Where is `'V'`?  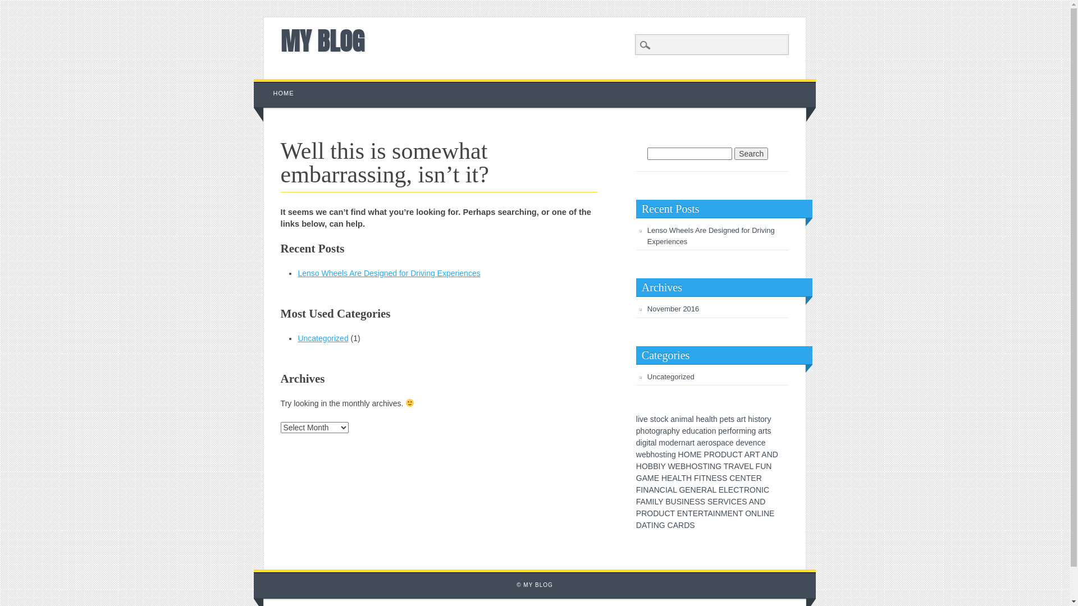 'V' is located at coordinates (726, 501).